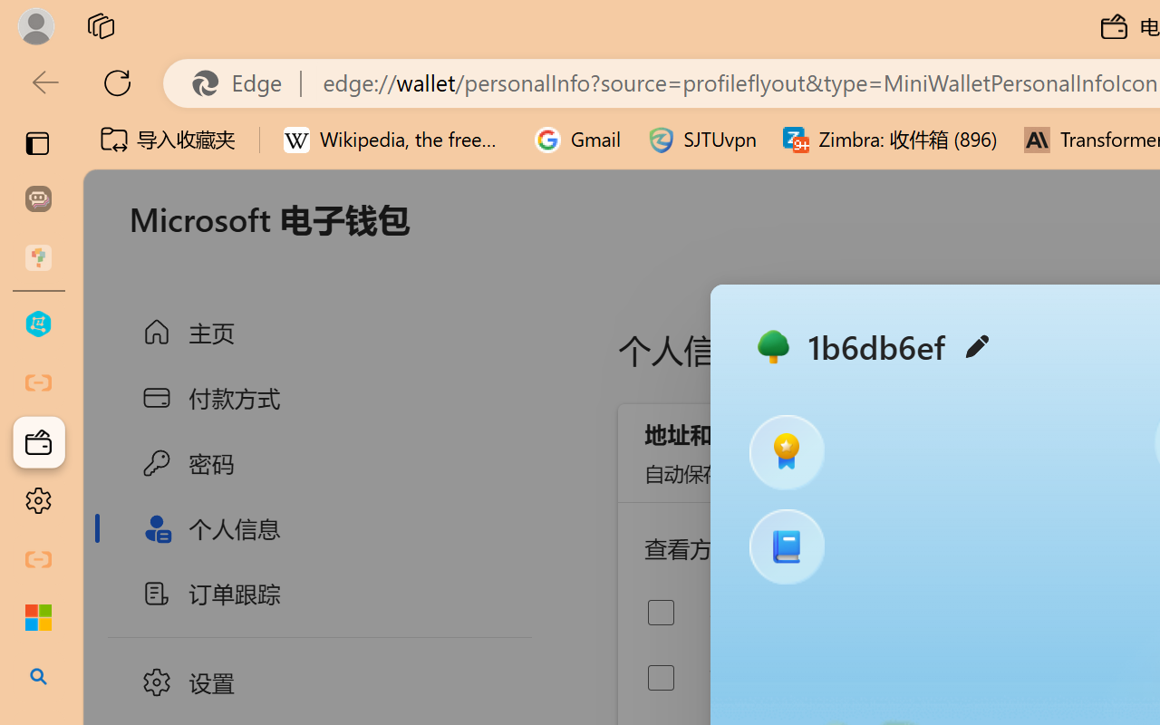 The image size is (1160, 725). I want to click on 'Gmail', so click(577, 140).